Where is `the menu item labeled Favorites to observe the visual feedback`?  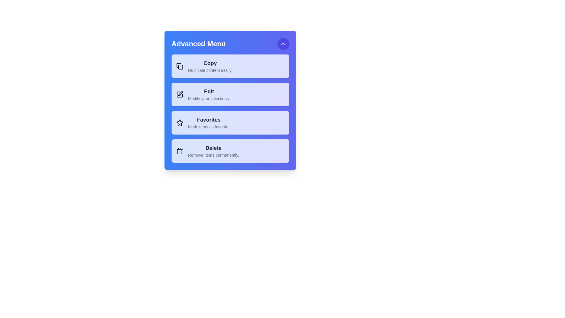
the menu item labeled Favorites to observe the visual feedback is located at coordinates (230, 122).